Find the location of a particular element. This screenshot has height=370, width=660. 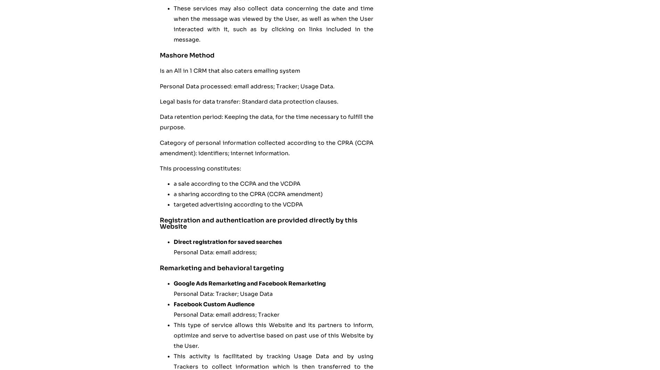

'Direct registration for saved searches' is located at coordinates (228, 242).